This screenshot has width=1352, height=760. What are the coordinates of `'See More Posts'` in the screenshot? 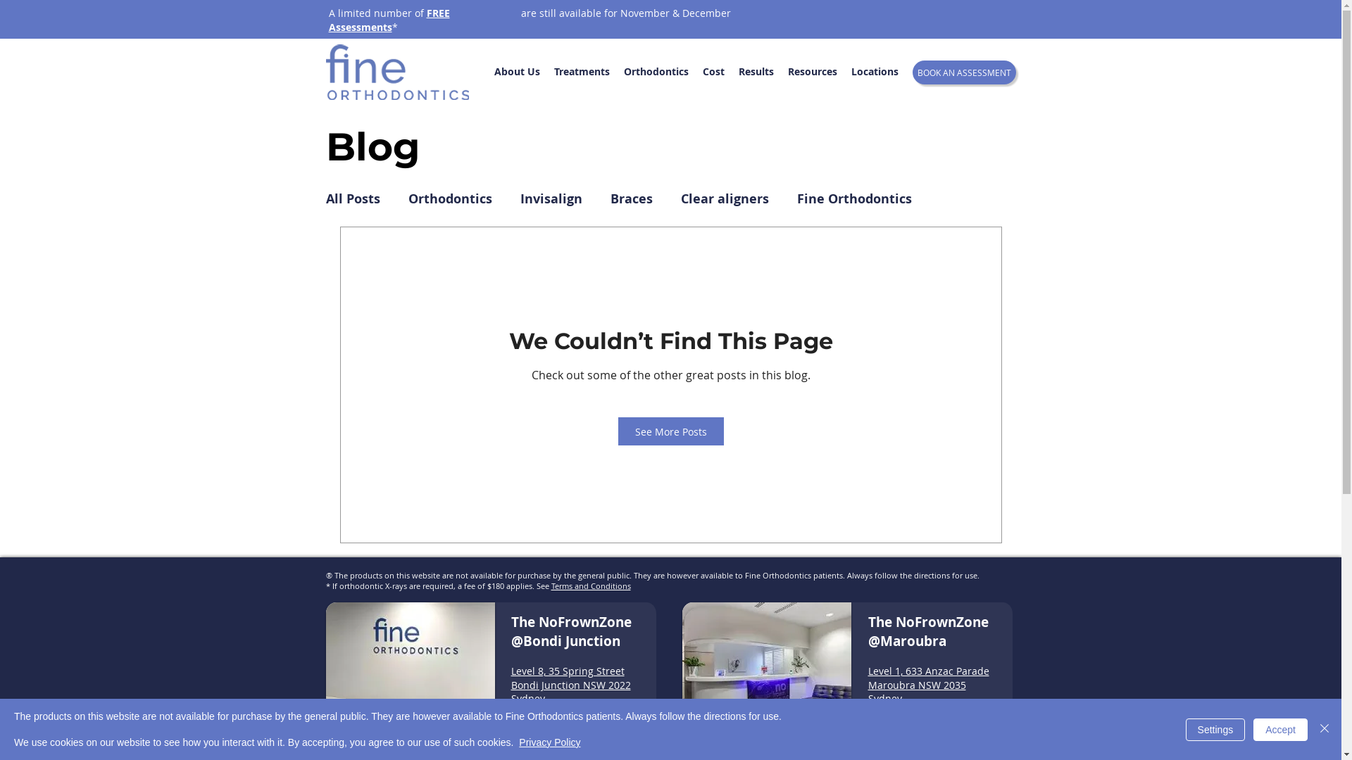 It's located at (670, 431).